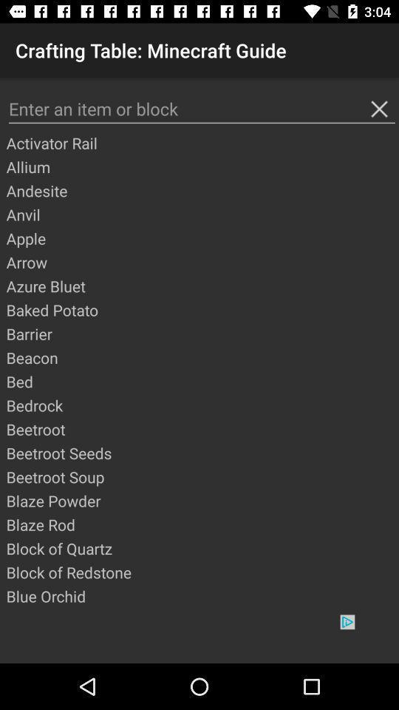  I want to click on icon above the activator rail, so click(201, 108).